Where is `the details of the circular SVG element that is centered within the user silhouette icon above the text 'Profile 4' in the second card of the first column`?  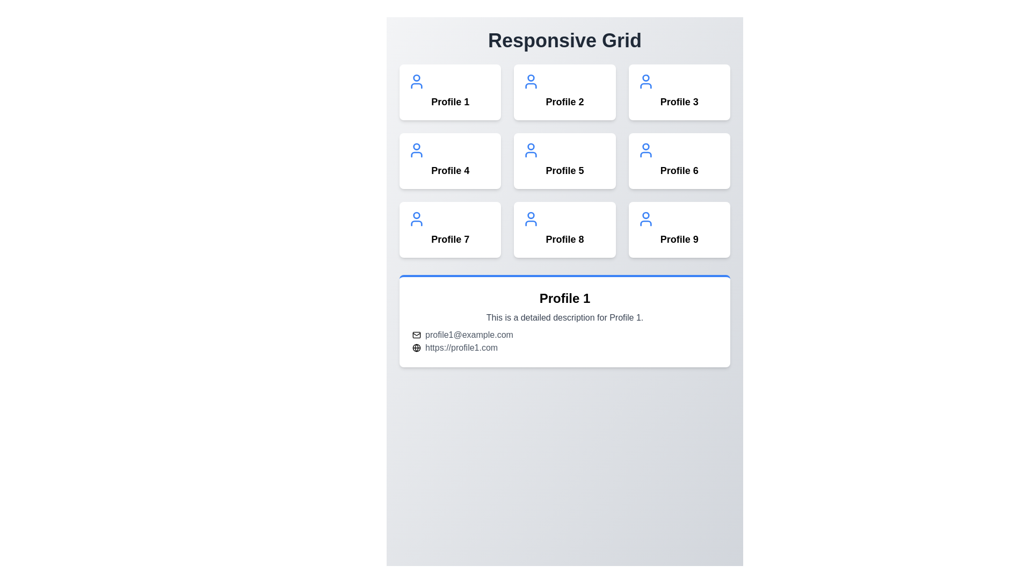 the details of the circular SVG element that is centered within the user silhouette icon above the text 'Profile 4' in the second card of the first column is located at coordinates (416, 147).